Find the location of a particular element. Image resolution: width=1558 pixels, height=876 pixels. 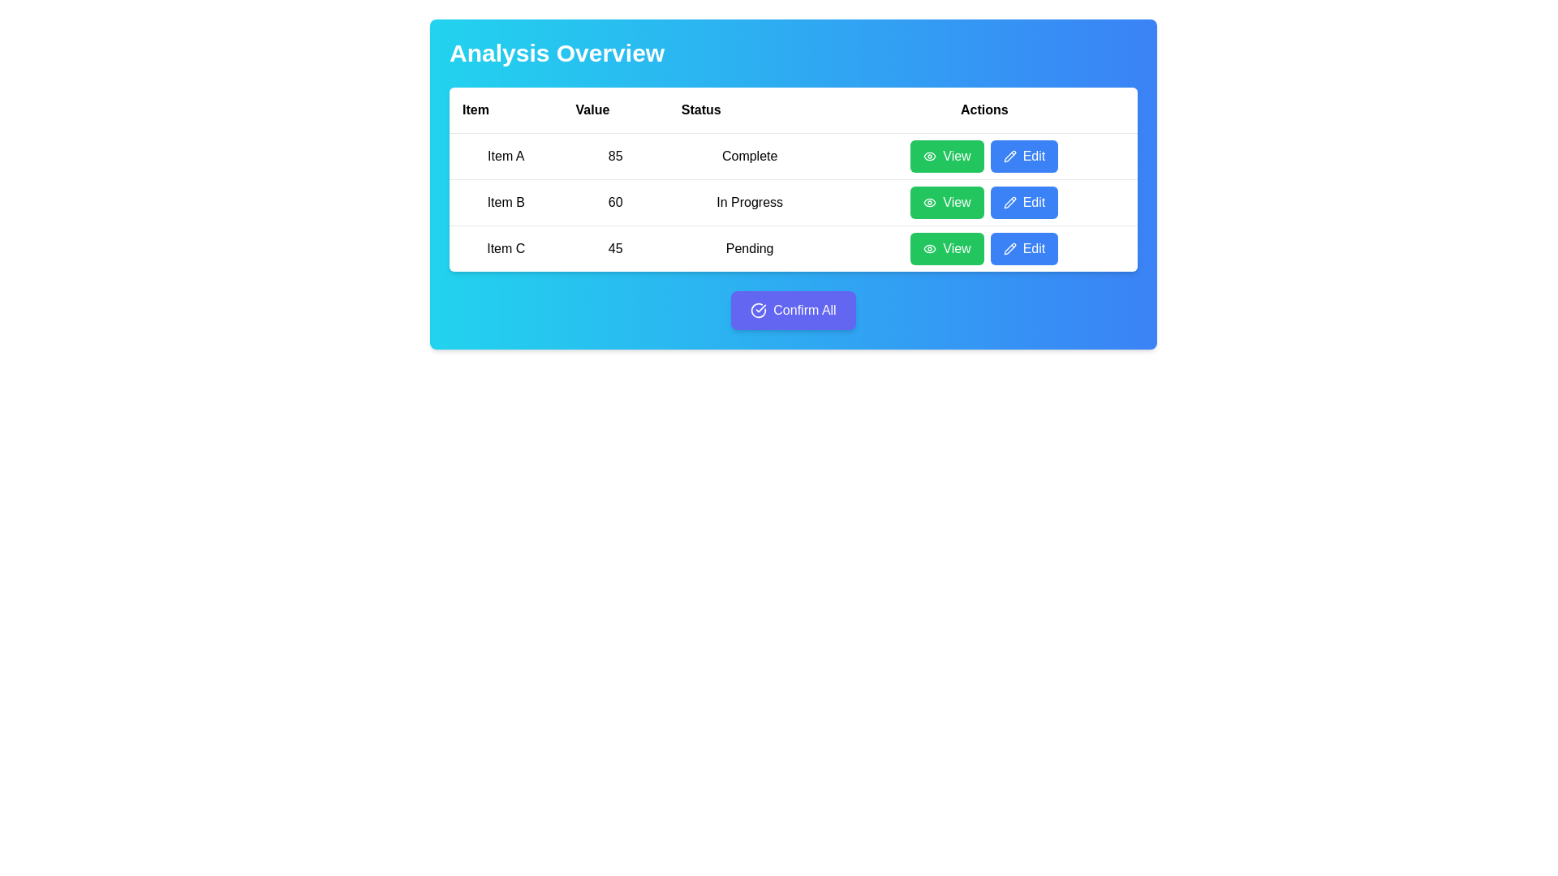

the button in the action bar for 'Item C' is located at coordinates (983, 249).